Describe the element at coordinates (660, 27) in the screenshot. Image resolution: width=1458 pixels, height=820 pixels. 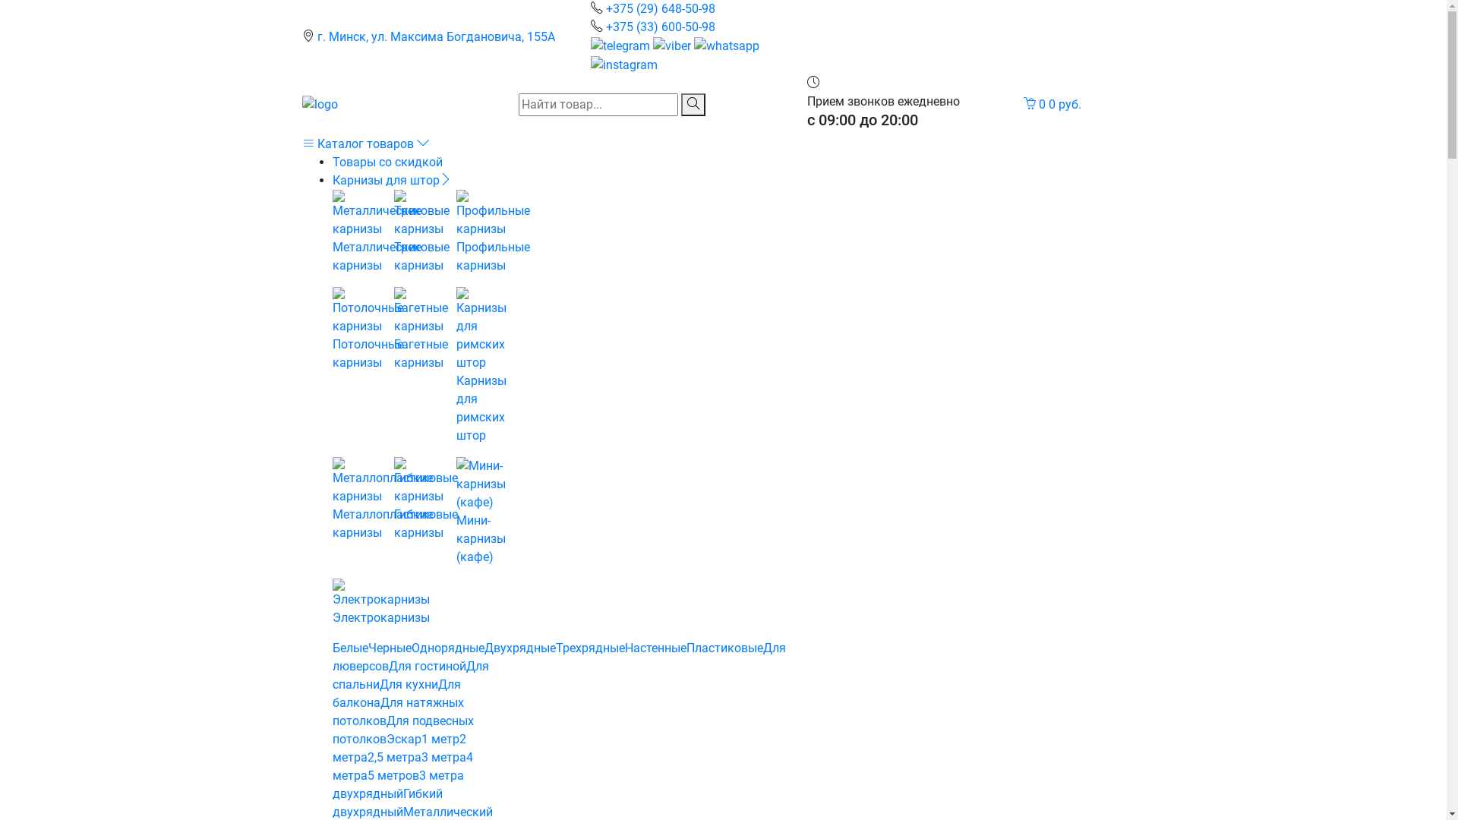
I see `'+375 (33) 600-50-98'` at that location.